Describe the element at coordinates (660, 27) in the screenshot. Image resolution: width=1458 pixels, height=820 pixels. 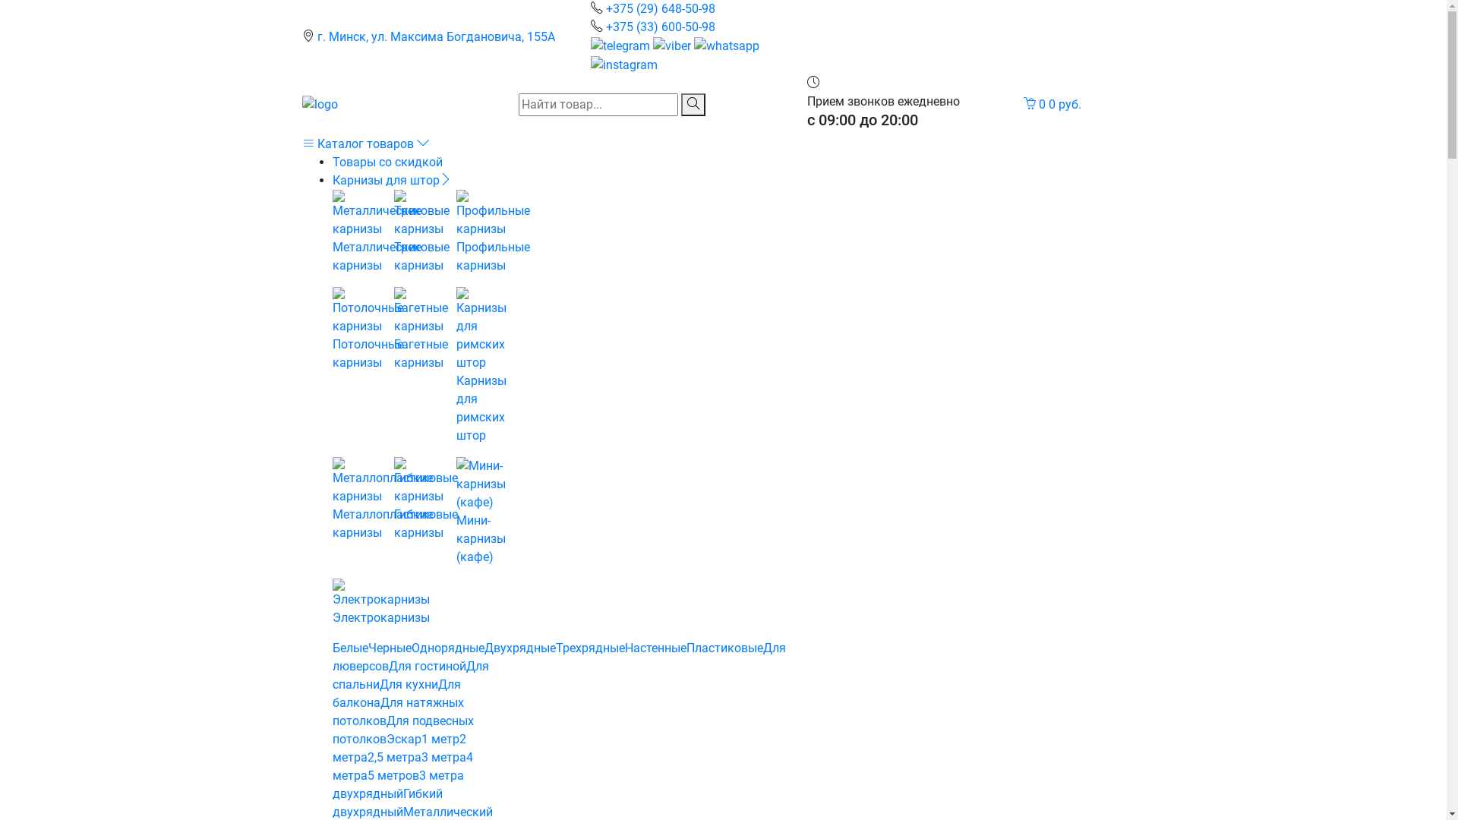
I see `'+375 (33) 600-50-98'` at that location.